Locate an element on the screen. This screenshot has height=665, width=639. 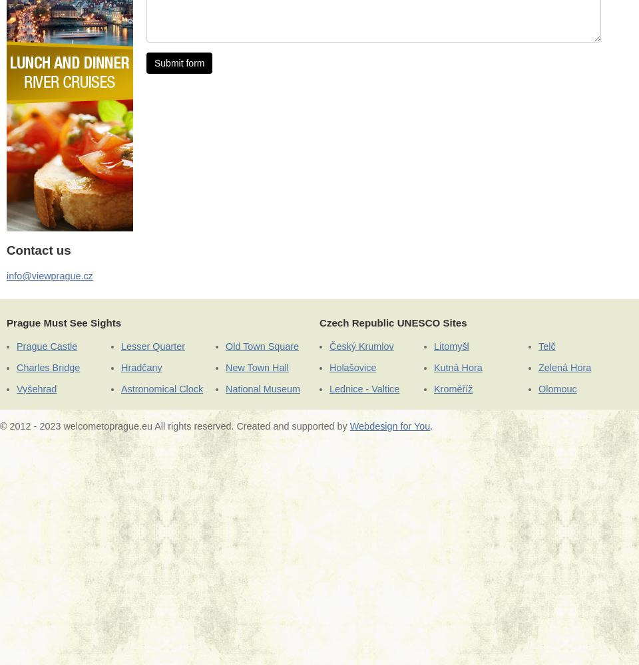
'Český Krumlov' is located at coordinates (328, 346).